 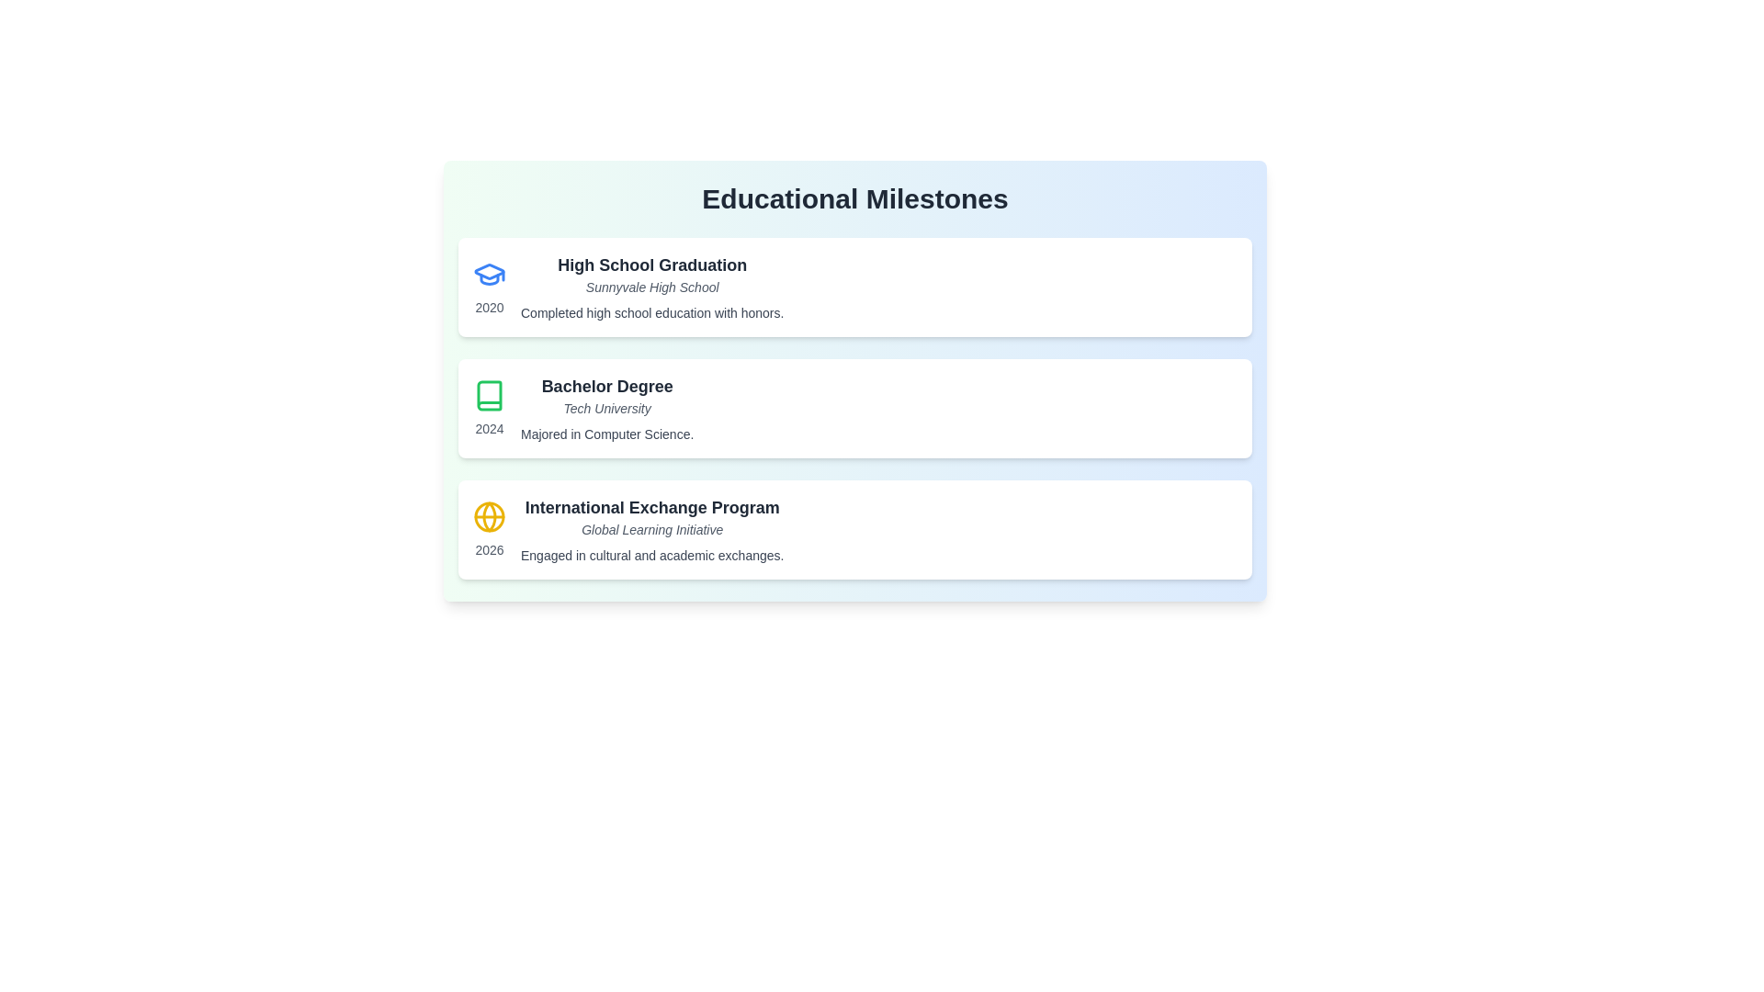 I want to click on the circular globe icon styled in yellow, located within the '2026' educational milestone box, above the text '2026' and aligned to the left of the main description, so click(x=489, y=517).